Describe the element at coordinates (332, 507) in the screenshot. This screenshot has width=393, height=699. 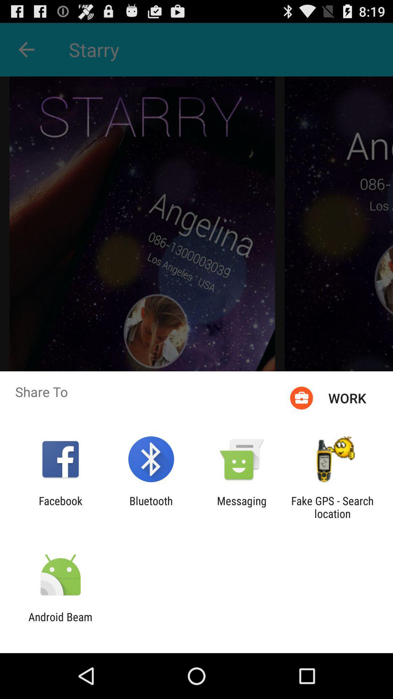
I see `icon to the right of the messaging item` at that location.